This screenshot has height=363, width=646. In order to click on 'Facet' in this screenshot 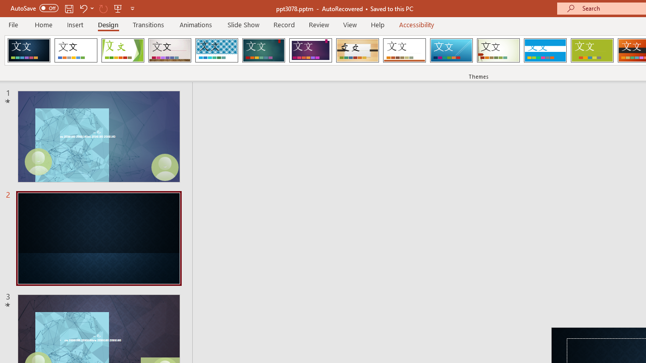, I will do `click(122, 50)`.